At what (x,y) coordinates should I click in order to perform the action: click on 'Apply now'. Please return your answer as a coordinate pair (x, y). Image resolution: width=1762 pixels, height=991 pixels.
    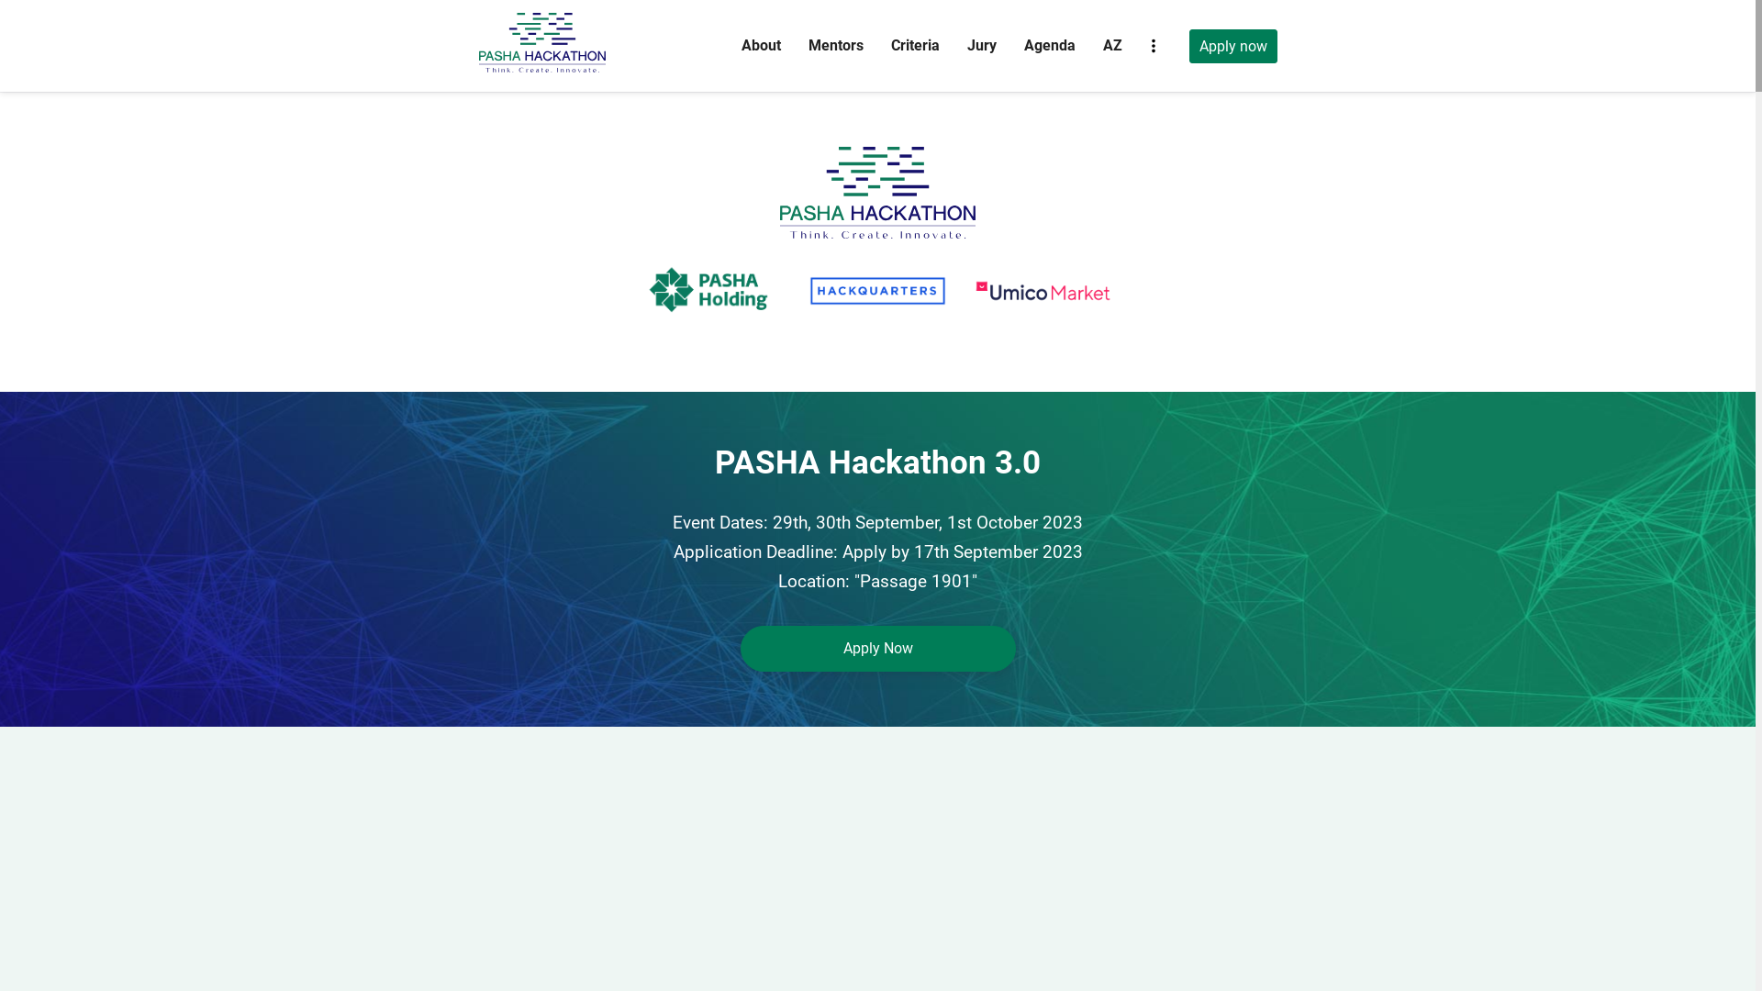
    Looking at the image, I should click on (1233, 45).